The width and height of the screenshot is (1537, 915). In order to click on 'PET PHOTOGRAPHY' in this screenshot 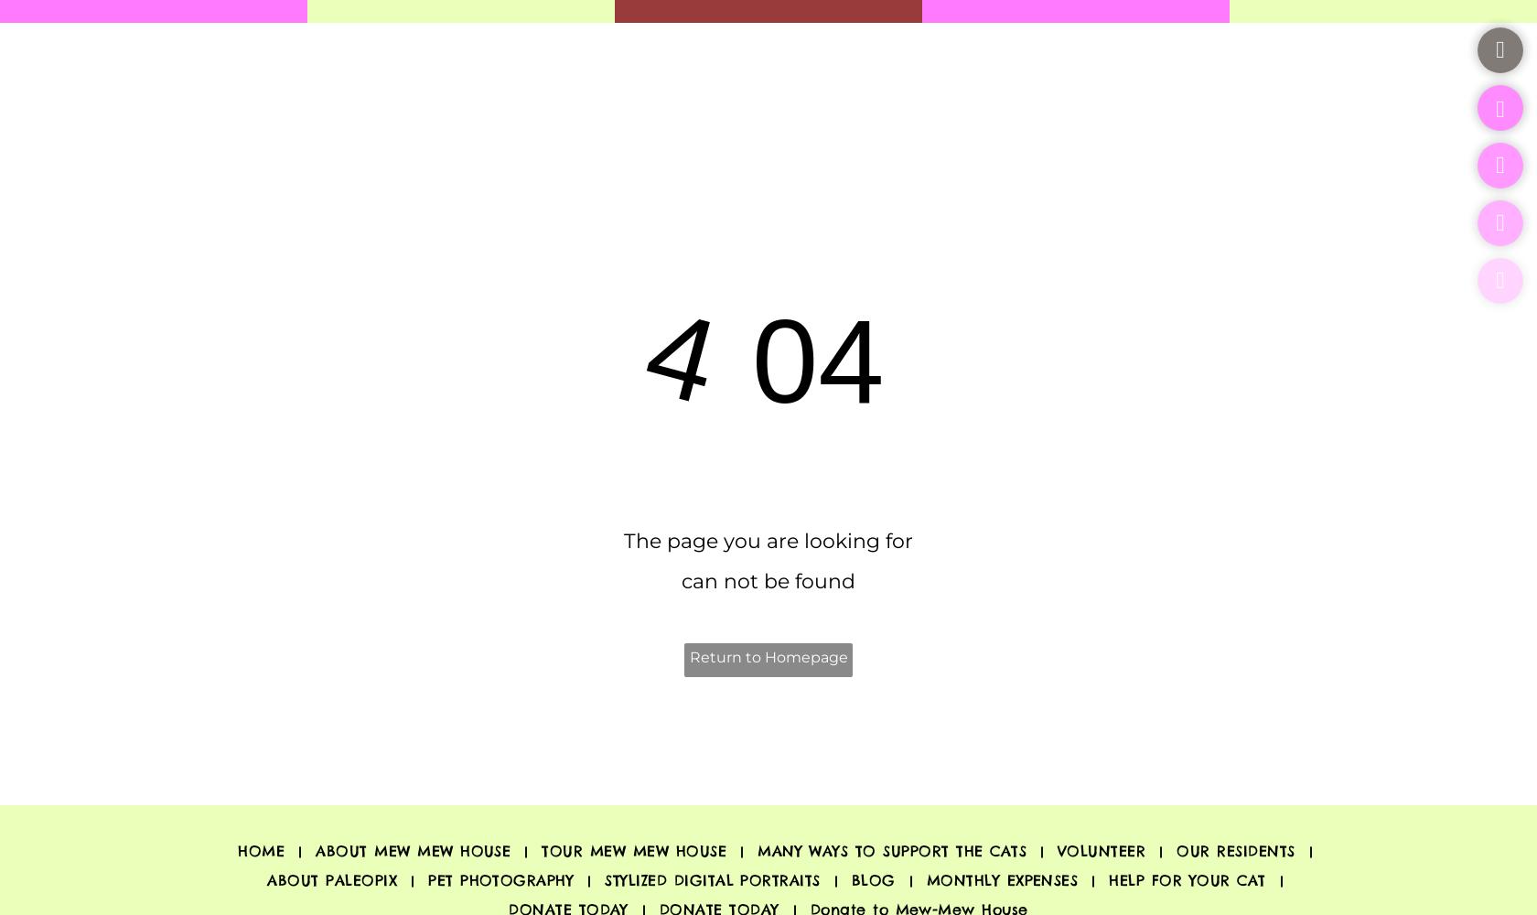, I will do `click(500, 878)`.